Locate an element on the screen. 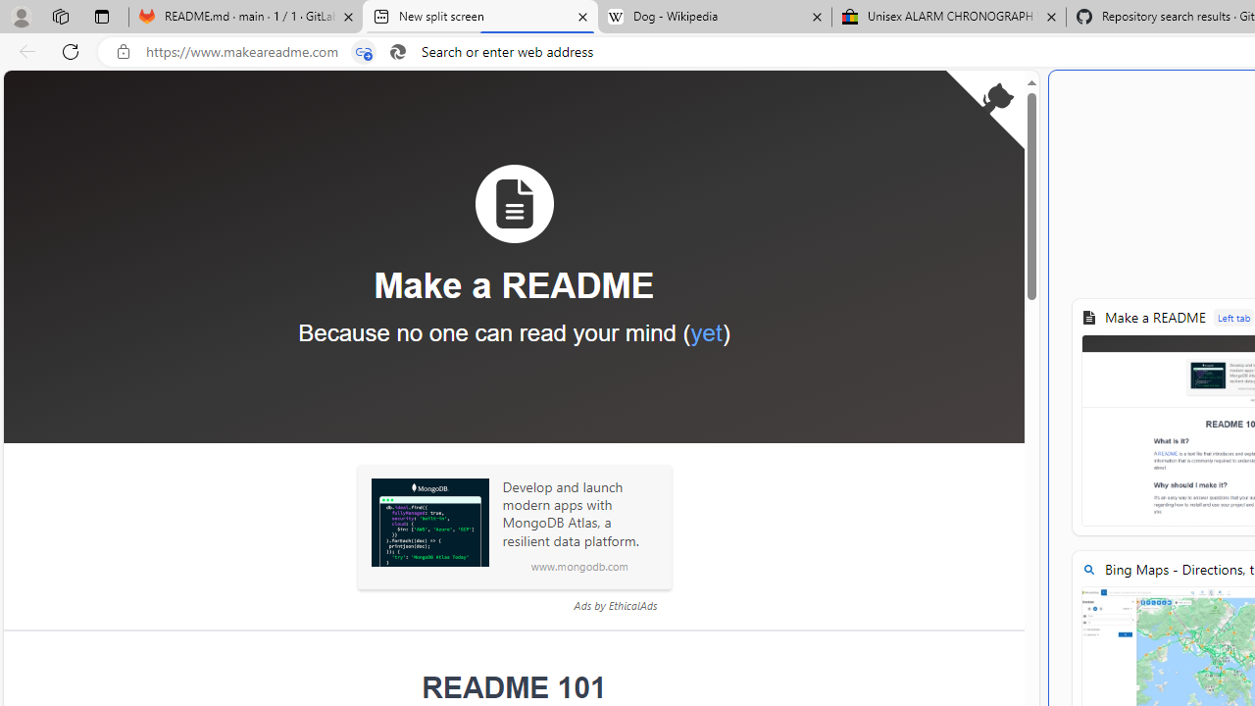 The height and width of the screenshot is (706, 1255). 'Search icon' is located at coordinates (397, 51).